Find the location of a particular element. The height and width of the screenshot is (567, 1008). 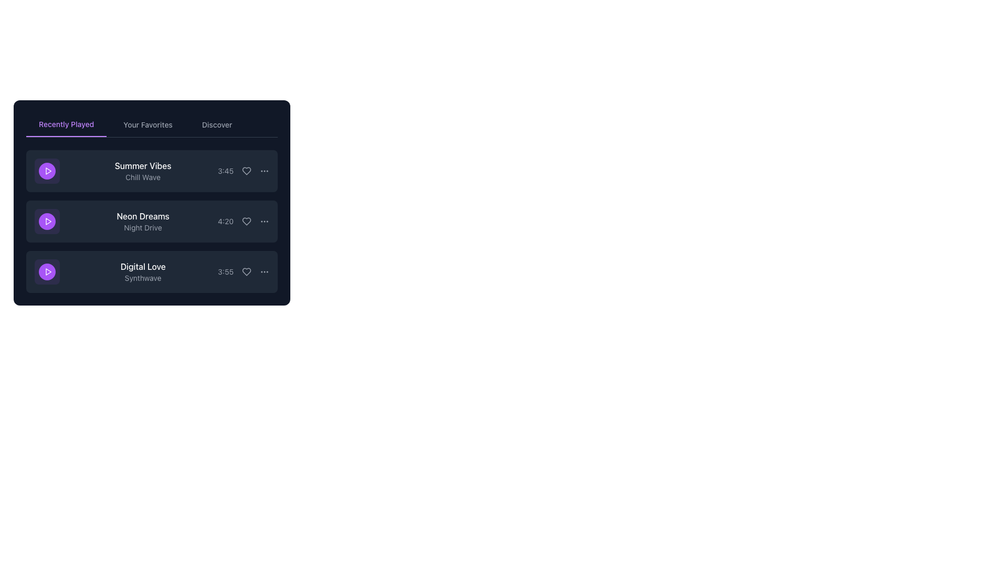

the circular purple button with a white play icon located to the left of the 'Digital Love - Synthwave - 3:55' text in the 'Recently Played' section is located at coordinates (47, 271).